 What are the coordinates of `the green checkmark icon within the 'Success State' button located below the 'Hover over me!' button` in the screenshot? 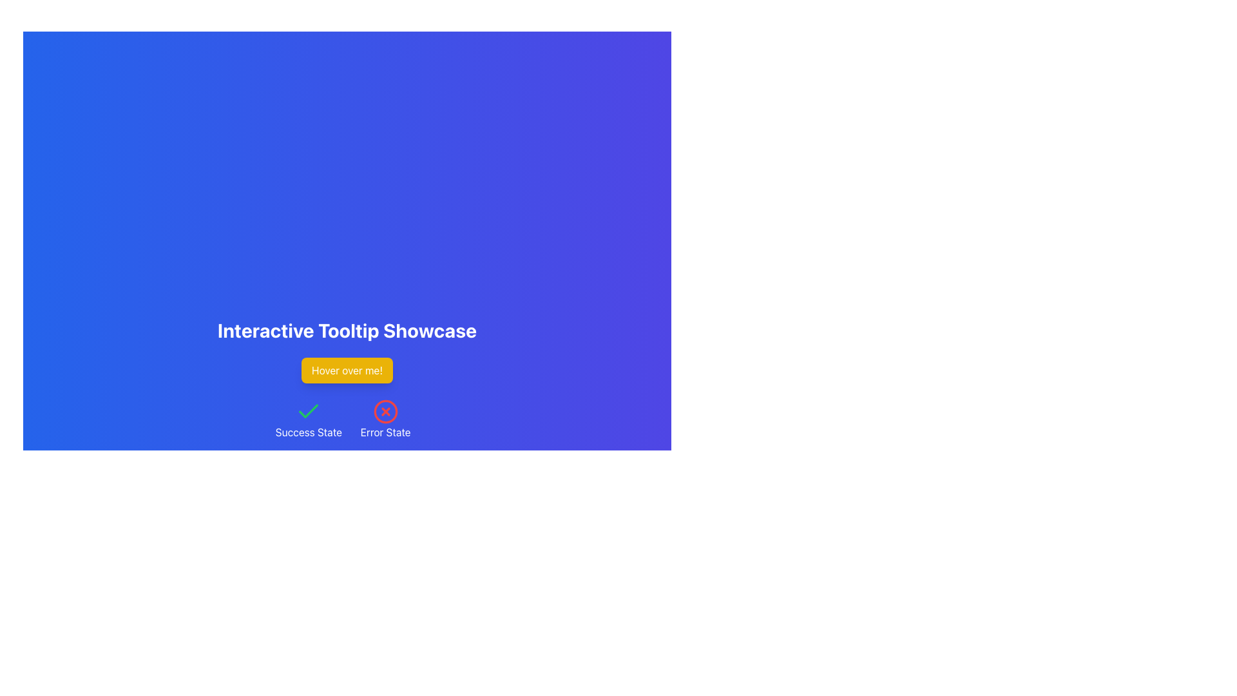 It's located at (308, 411).